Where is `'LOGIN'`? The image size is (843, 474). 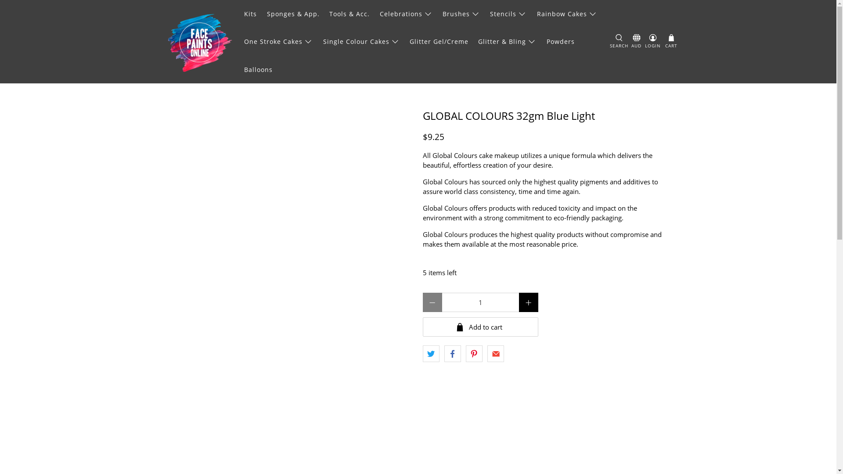
'LOGIN' is located at coordinates (653, 42).